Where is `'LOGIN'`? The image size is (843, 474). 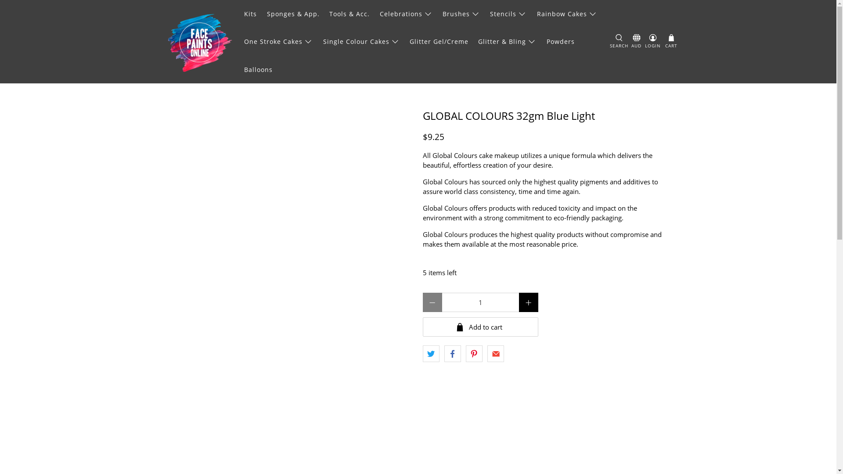
'LOGIN' is located at coordinates (653, 42).